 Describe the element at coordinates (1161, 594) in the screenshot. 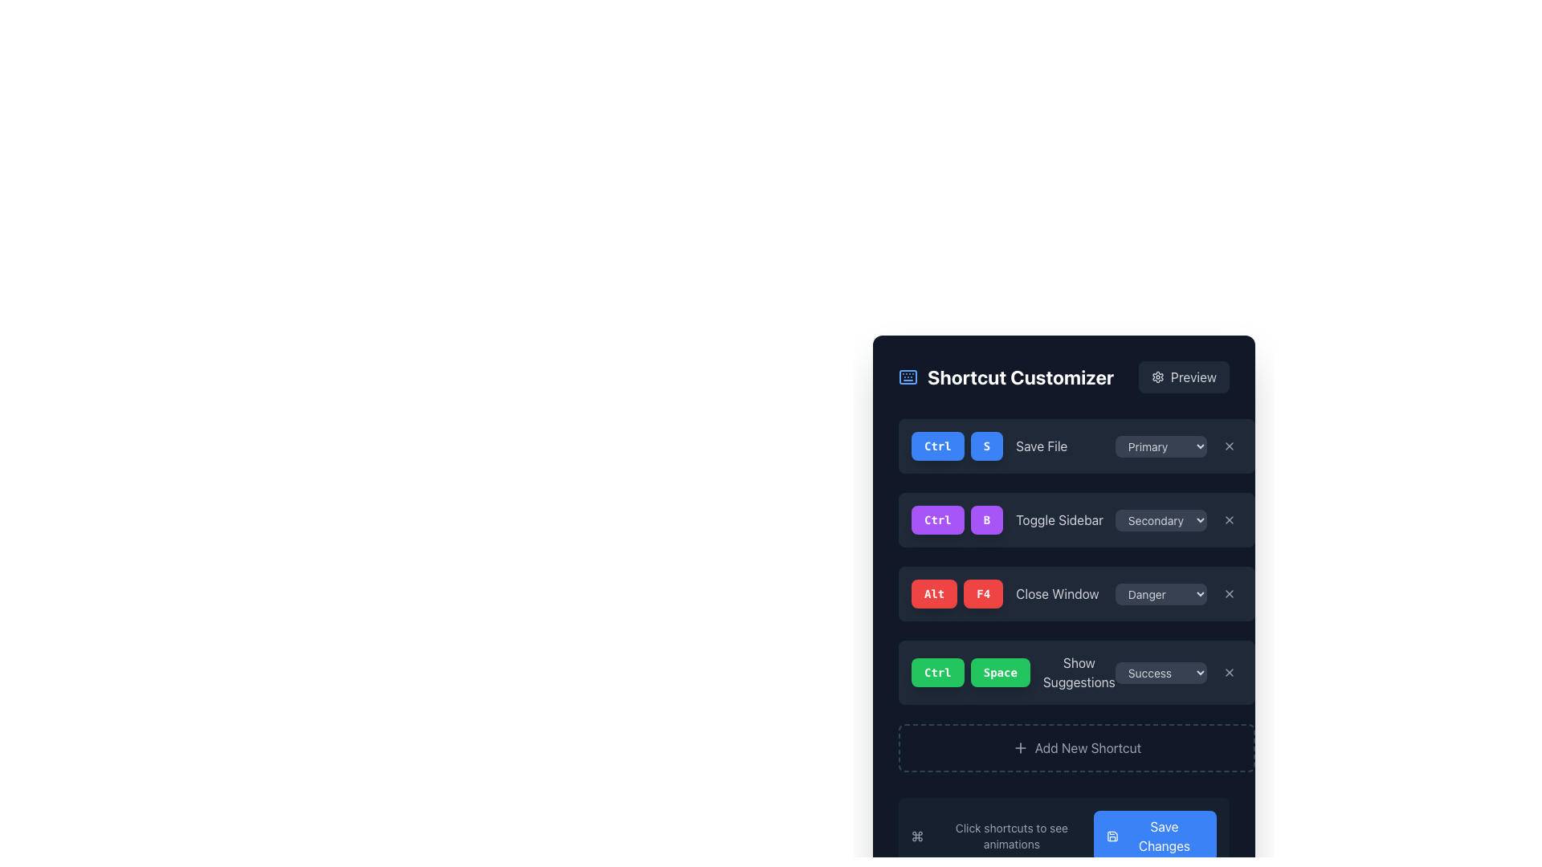

I see `the Dropdown Button located third among a set of dropdowns under the 'Close Window' shortcut` at that location.